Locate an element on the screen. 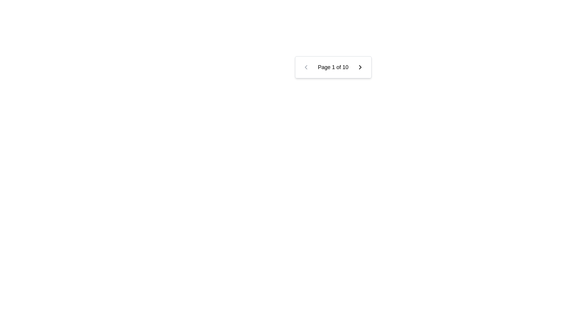 The image size is (575, 323). the right-pointing chevron icon located at the far right of the navigation control to move to the next page is located at coordinates (360, 67).